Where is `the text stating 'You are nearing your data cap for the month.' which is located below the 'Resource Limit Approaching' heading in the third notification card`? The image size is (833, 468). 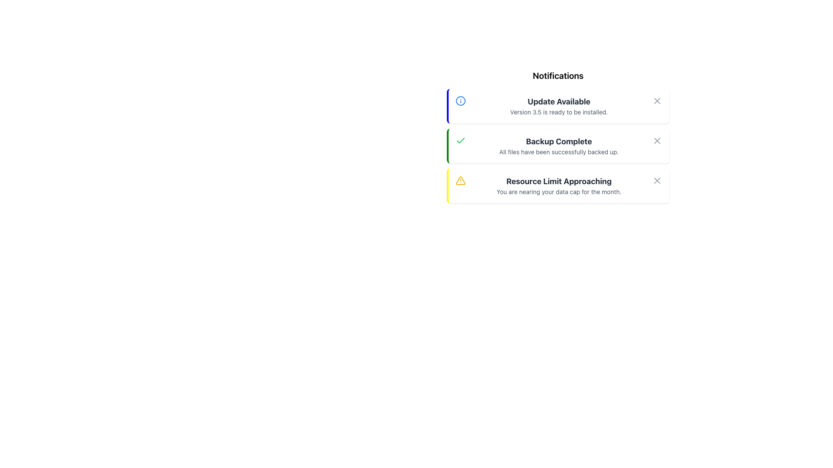 the text stating 'You are nearing your data cap for the month.' which is located below the 'Resource Limit Approaching' heading in the third notification card is located at coordinates (559, 192).